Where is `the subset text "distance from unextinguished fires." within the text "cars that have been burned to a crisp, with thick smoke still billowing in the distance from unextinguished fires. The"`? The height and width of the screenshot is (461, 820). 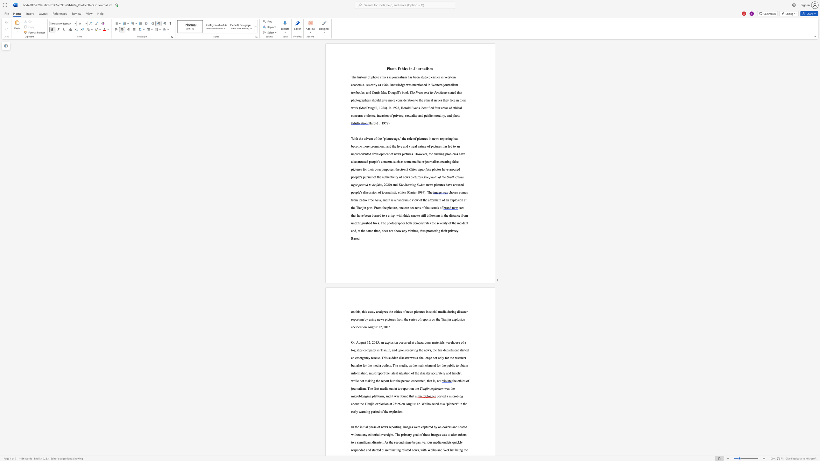
the subset text "distance from unextinguished fires." within the text "cars that have been burned to a crisp, with thick smoke still billowing in the distance from unextinguished fires. The" is located at coordinates (449, 215).